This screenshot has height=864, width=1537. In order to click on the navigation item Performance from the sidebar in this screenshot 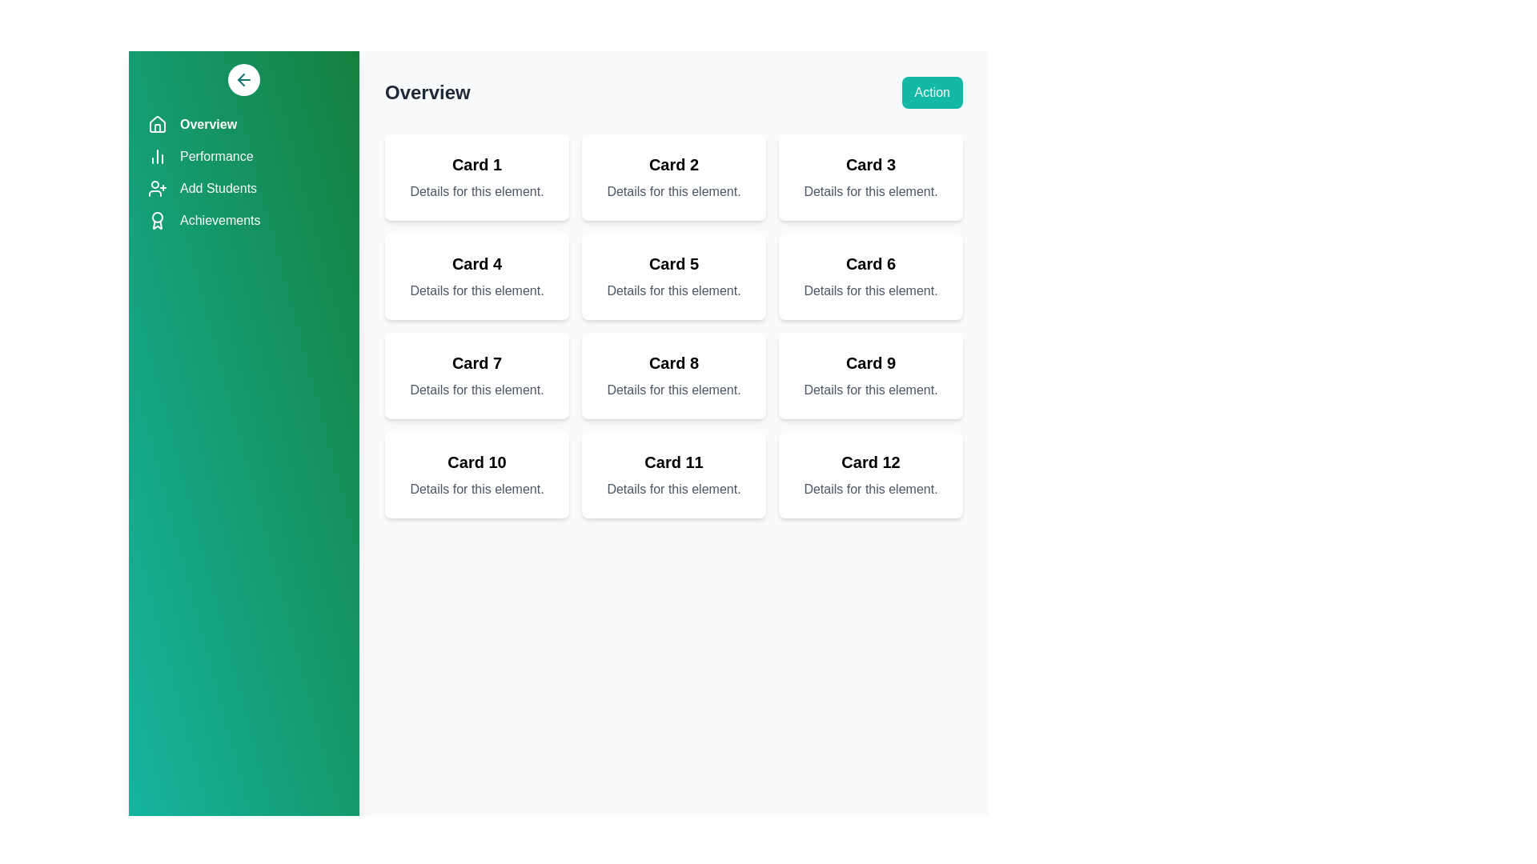, I will do `click(243, 157)`.